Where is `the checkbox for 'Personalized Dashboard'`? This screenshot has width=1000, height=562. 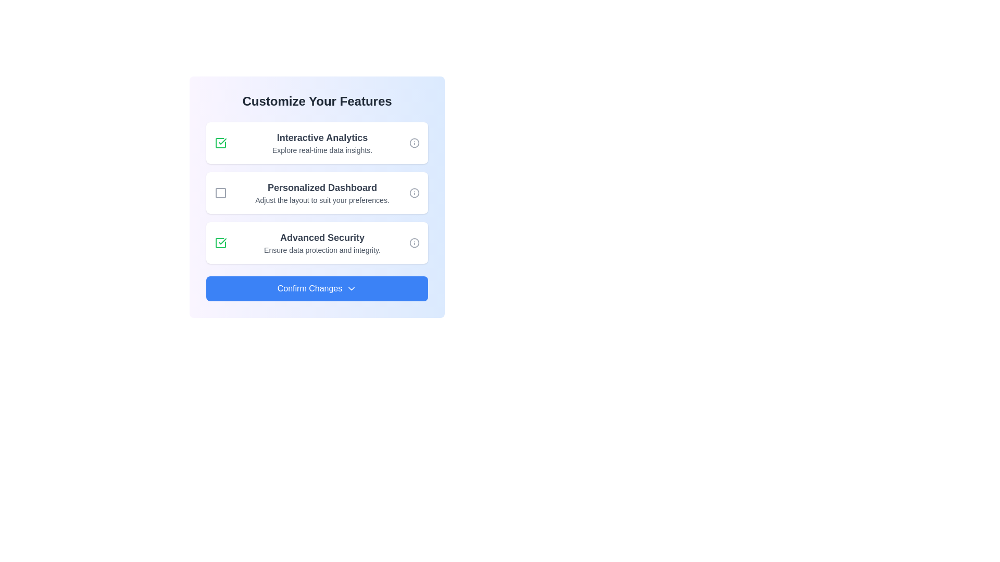 the checkbox for 'Personalized Dashboard' is located at coordinates (220, 193).